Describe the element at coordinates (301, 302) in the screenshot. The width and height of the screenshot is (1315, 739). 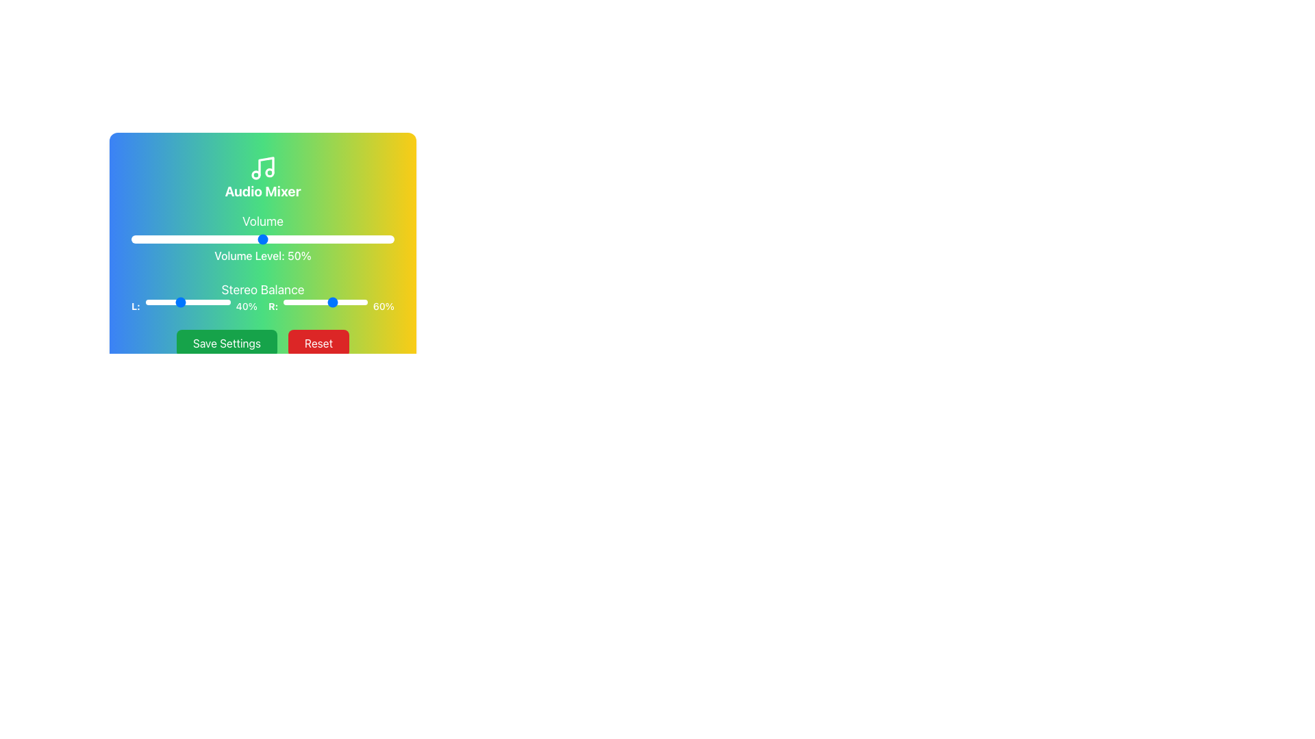
I see `the stereo balance` at that location.